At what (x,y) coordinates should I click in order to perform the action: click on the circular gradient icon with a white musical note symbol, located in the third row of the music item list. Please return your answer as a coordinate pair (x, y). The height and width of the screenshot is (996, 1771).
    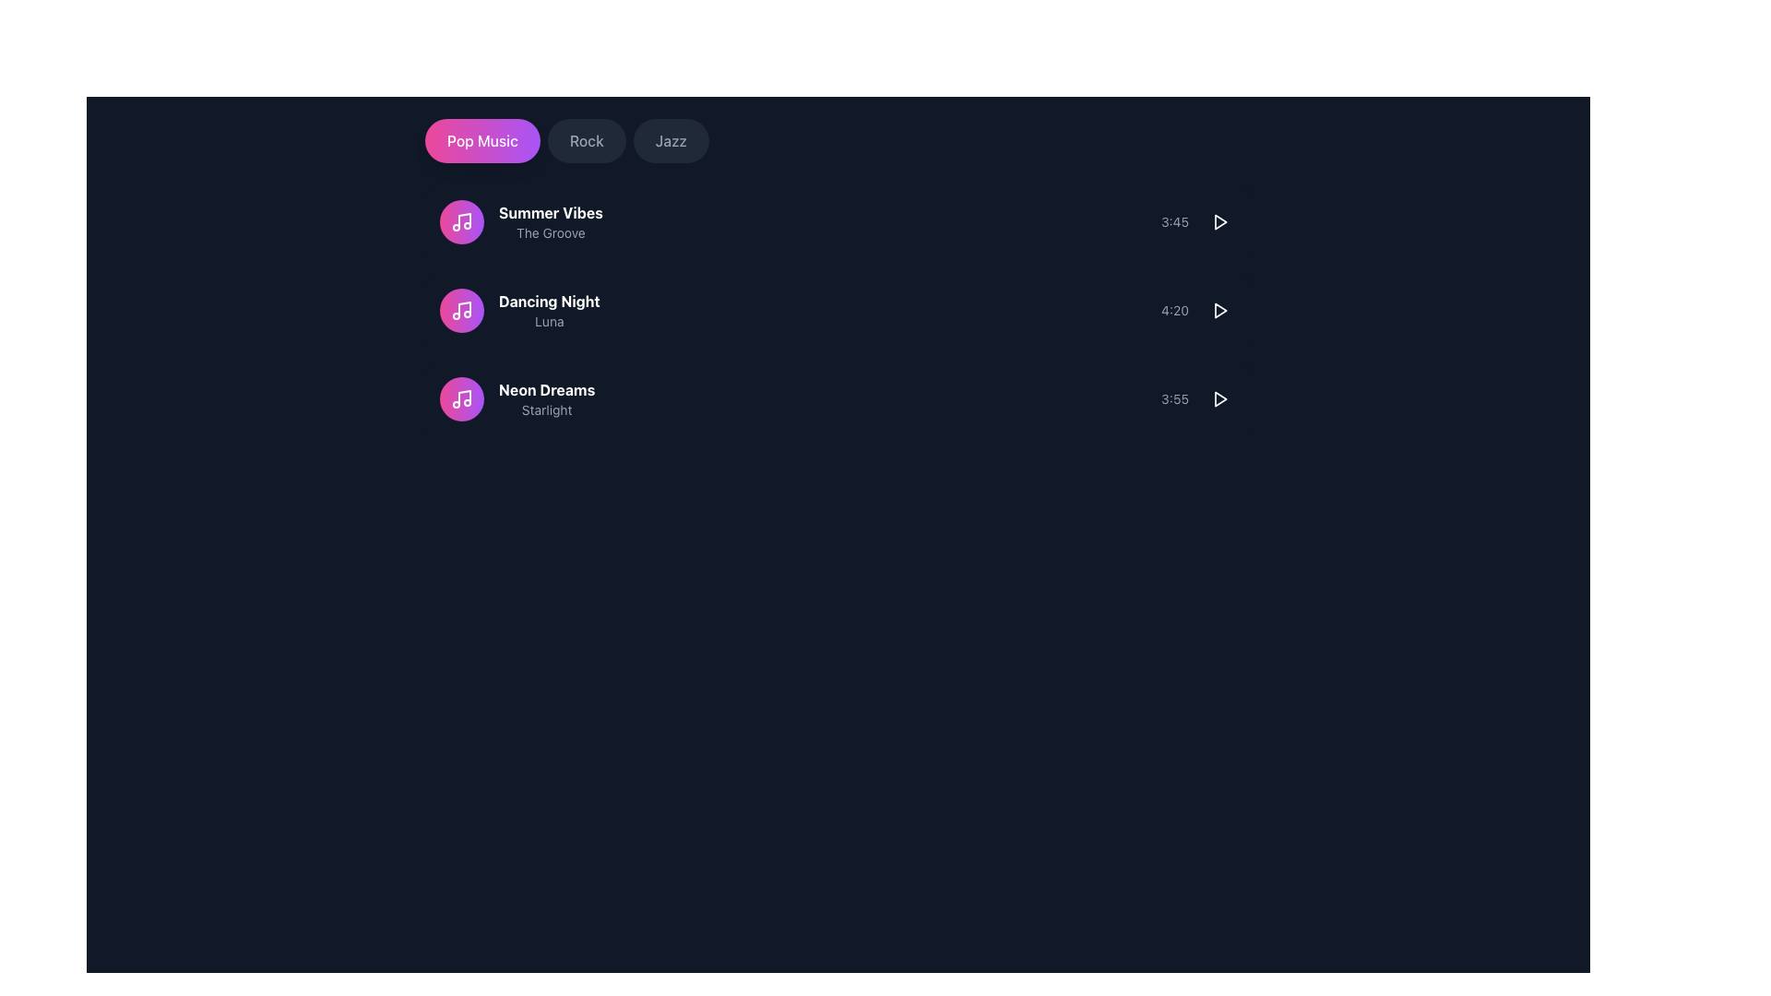
    Looking at the image, I should click on (461, 397).